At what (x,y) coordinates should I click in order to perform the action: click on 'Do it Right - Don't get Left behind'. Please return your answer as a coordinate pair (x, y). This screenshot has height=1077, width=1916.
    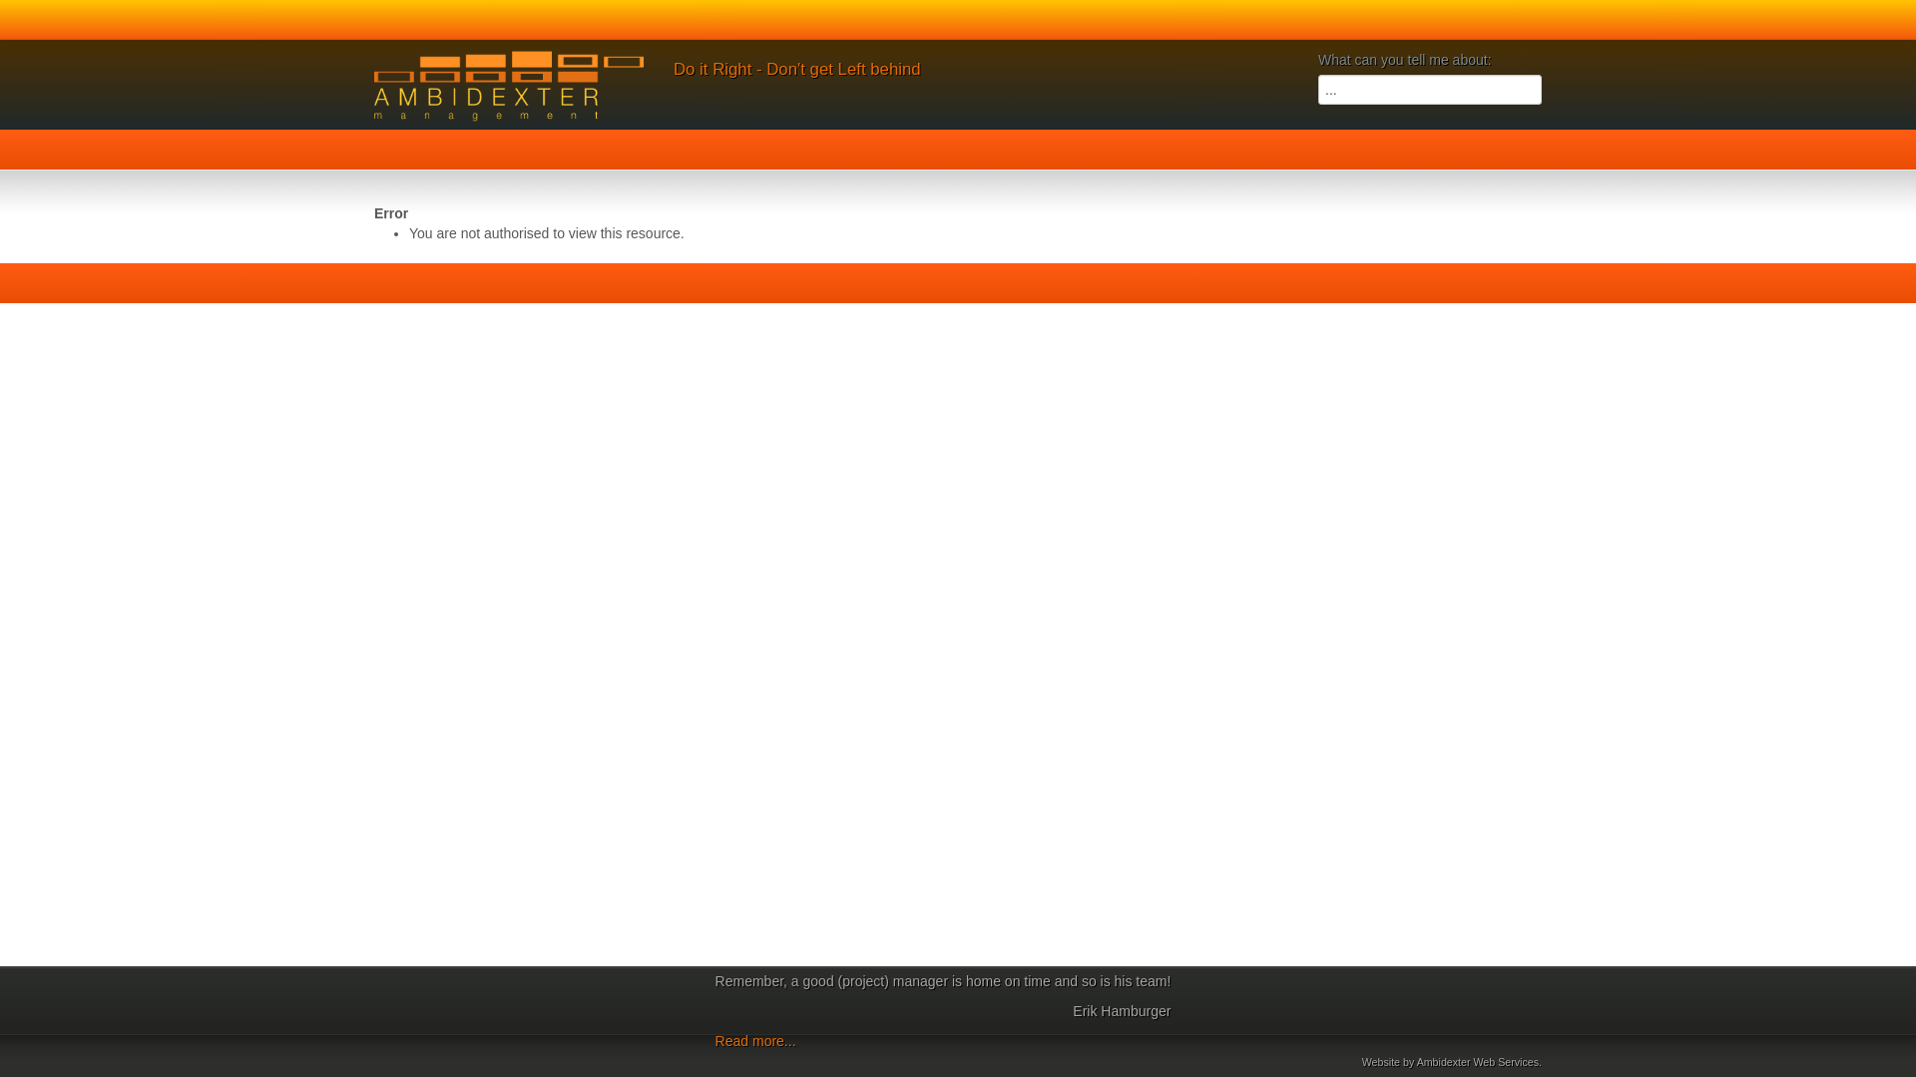
    Looking at the image, I should click on (795, 68).